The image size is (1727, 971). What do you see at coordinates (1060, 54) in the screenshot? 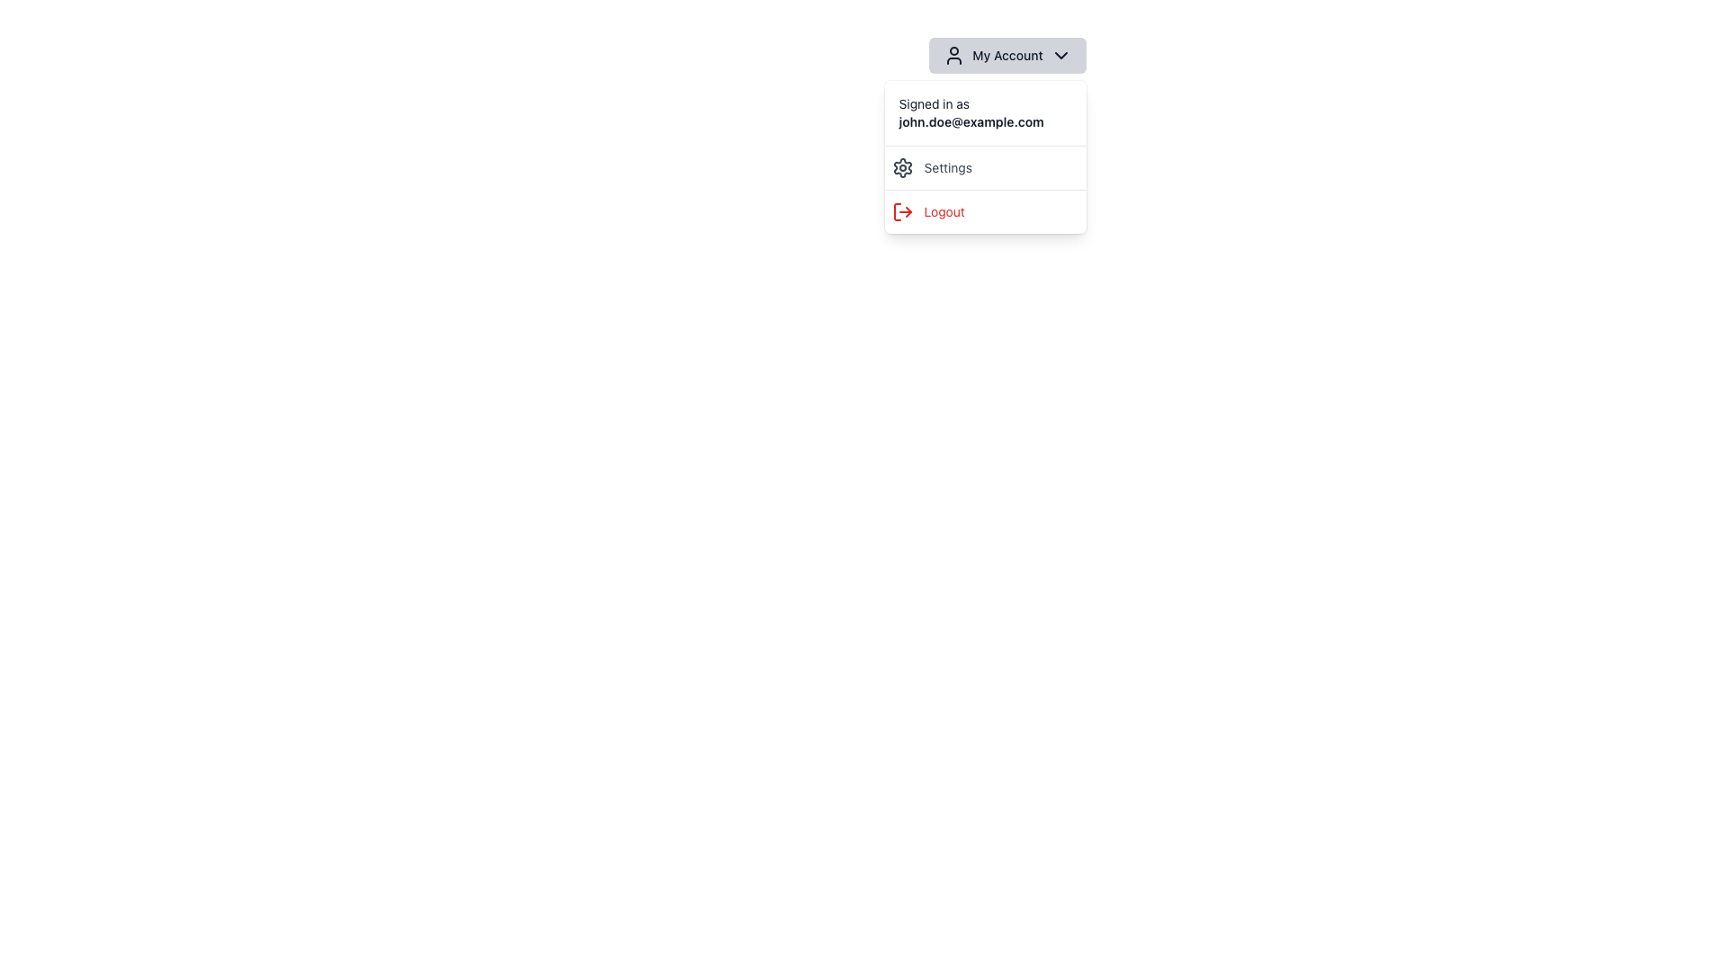
I see `the small chevron-down icon that is part of the 'My Account' button` at bounding box center [1060, 54].